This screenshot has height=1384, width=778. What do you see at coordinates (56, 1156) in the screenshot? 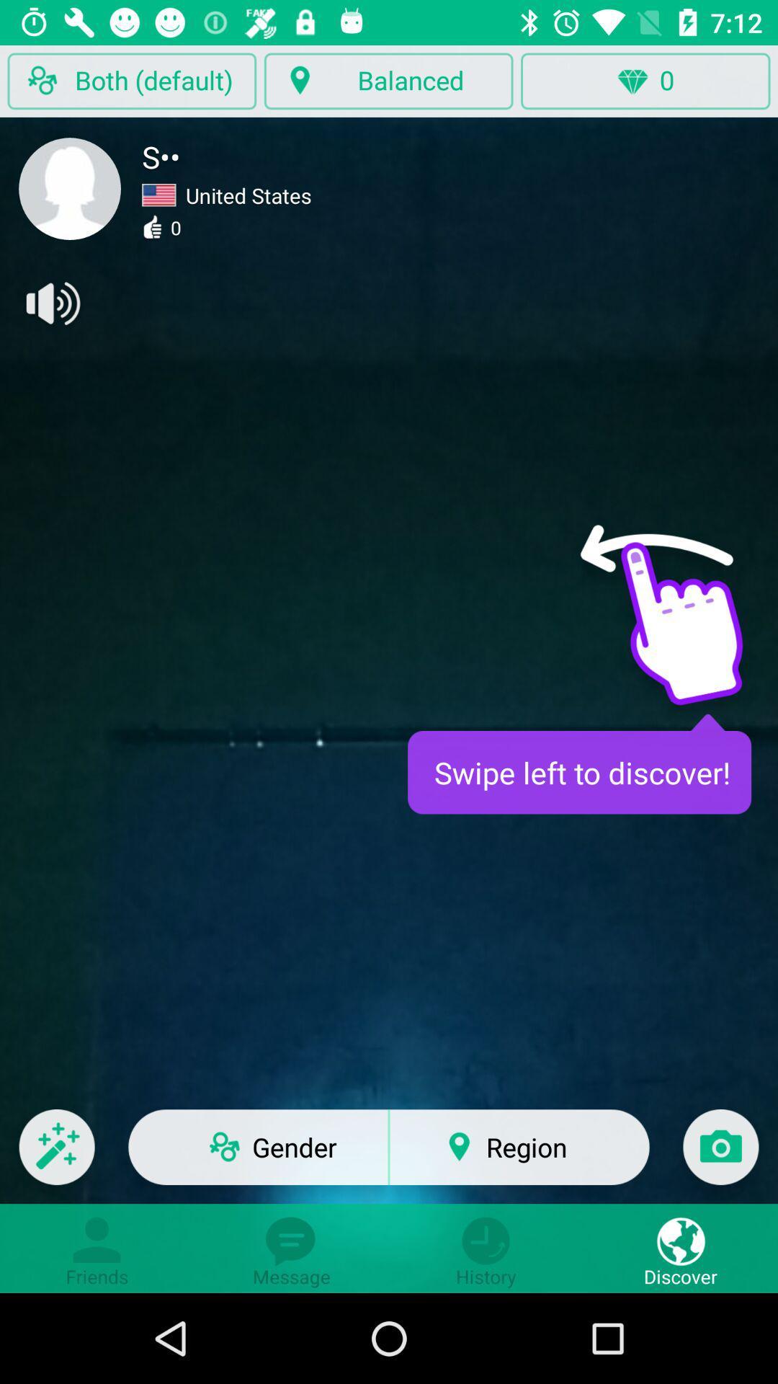
I see `the edit icon` at bounding box center [56, 1156].